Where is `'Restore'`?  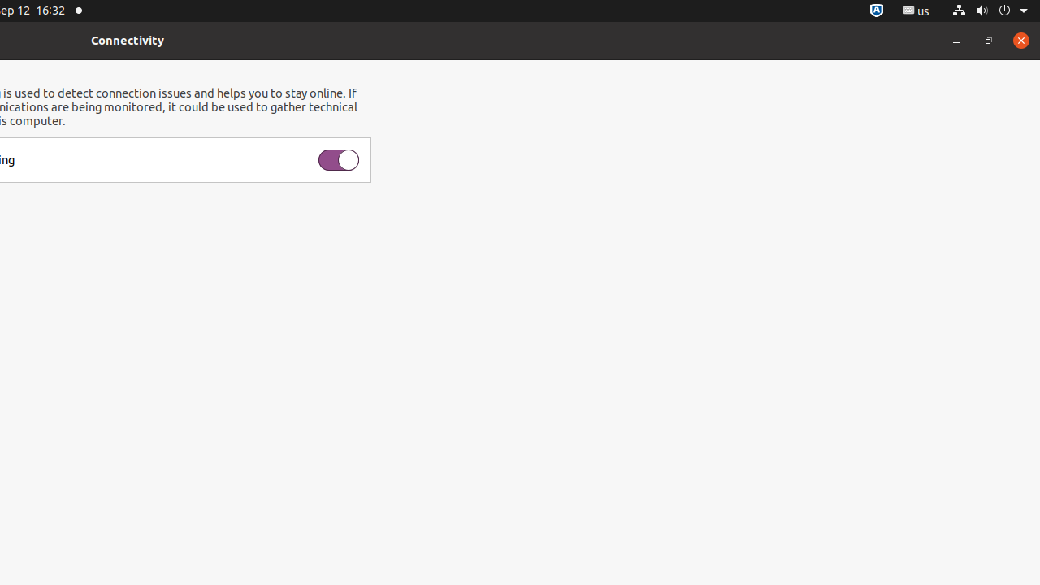
'Restore' is located at coordinates (988, 39).